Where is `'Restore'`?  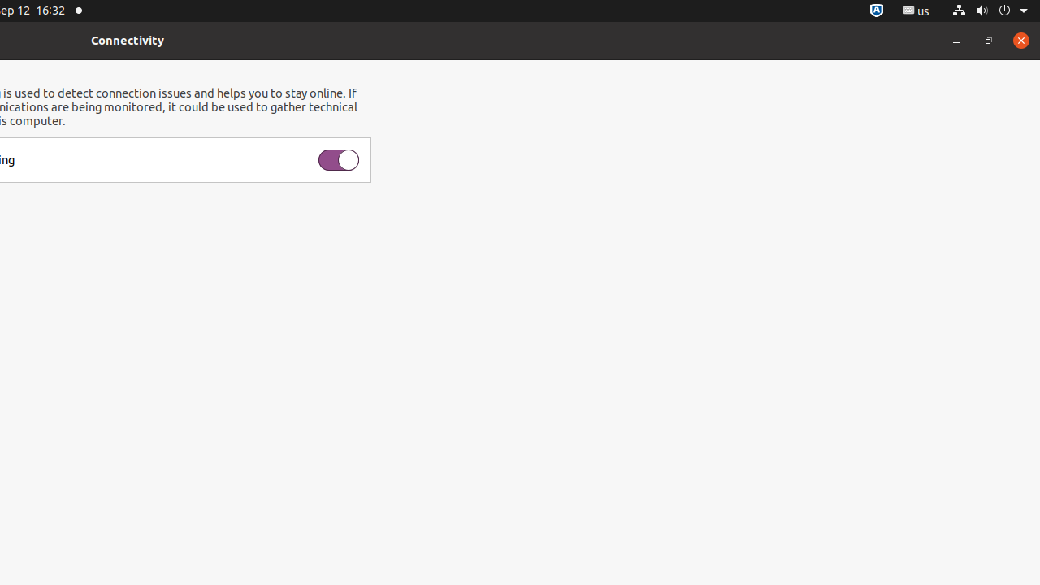
'Restore' is located at coordinates (988, 39).